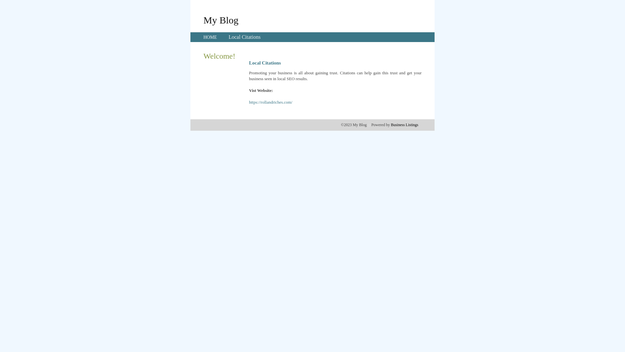 Image resolution: width=625 pixels, height=352 pixels. Describe the element at coordinates (228, 37) in the screenshot. I see `'Local Citations'` at that location.